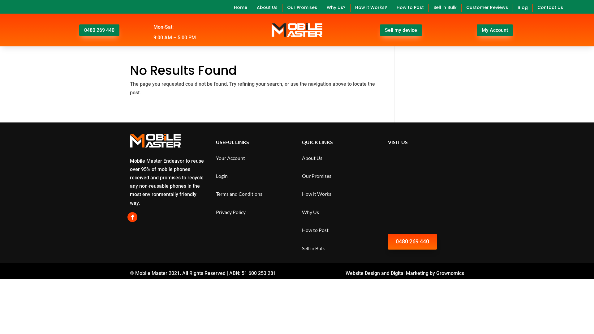  What do you see at coordinates (487, 8) in the screenshot?
I see `'Customer Reviews'` at bounding box center [487, 8].